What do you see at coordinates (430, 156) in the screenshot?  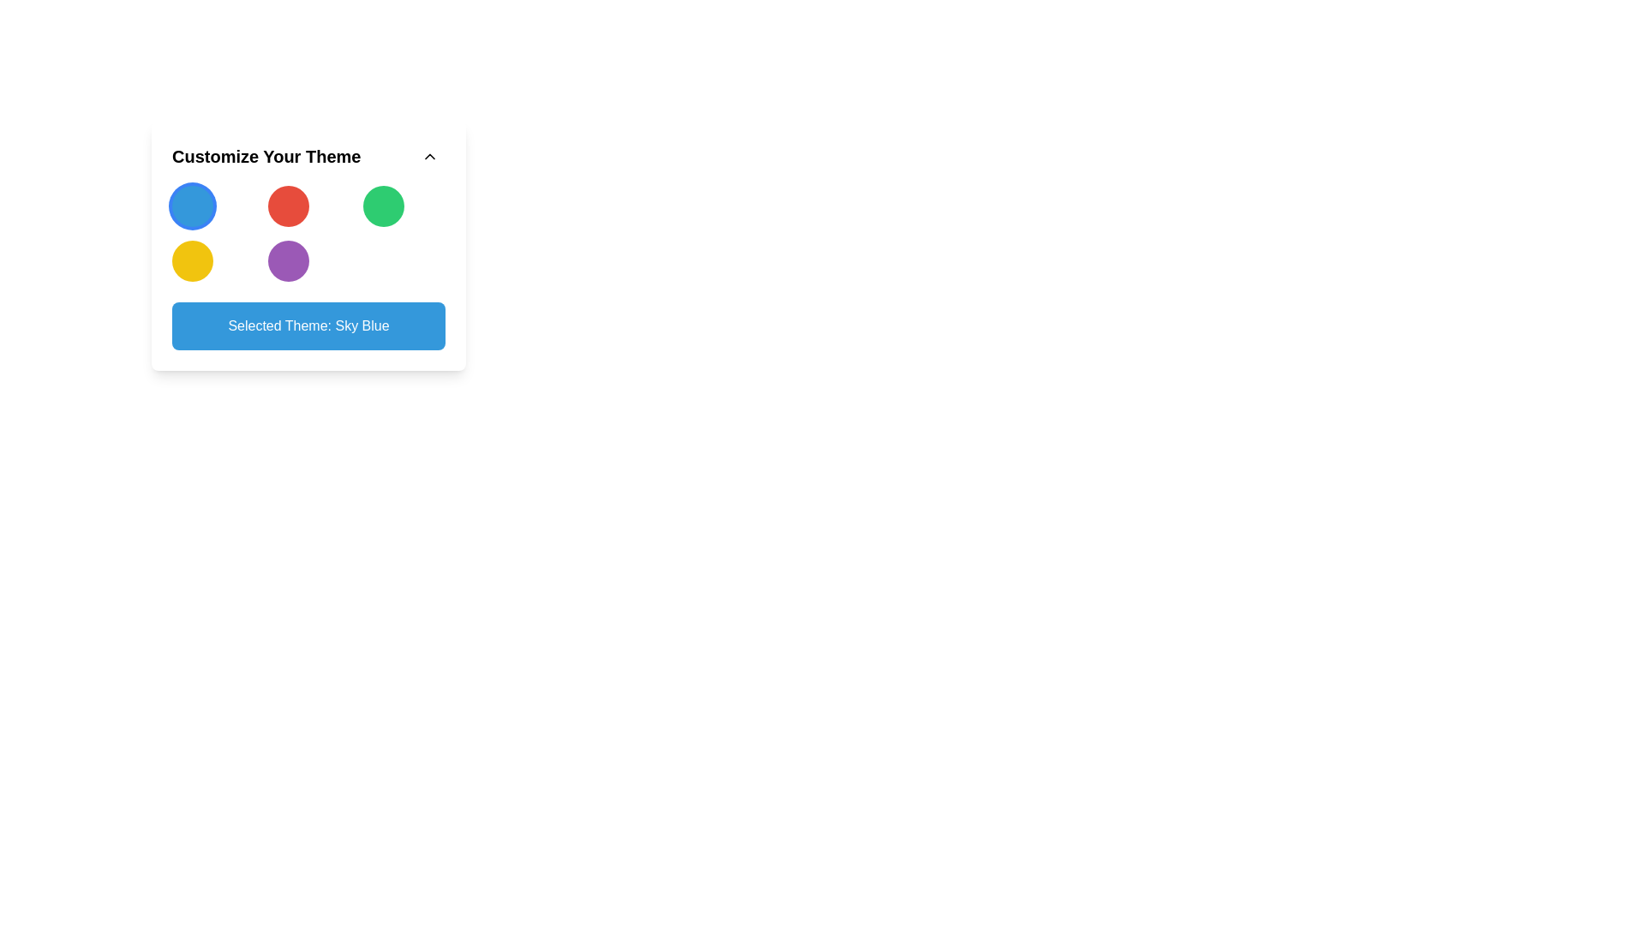 I see `the chevron-up icon` at bounding box center [430, 156].